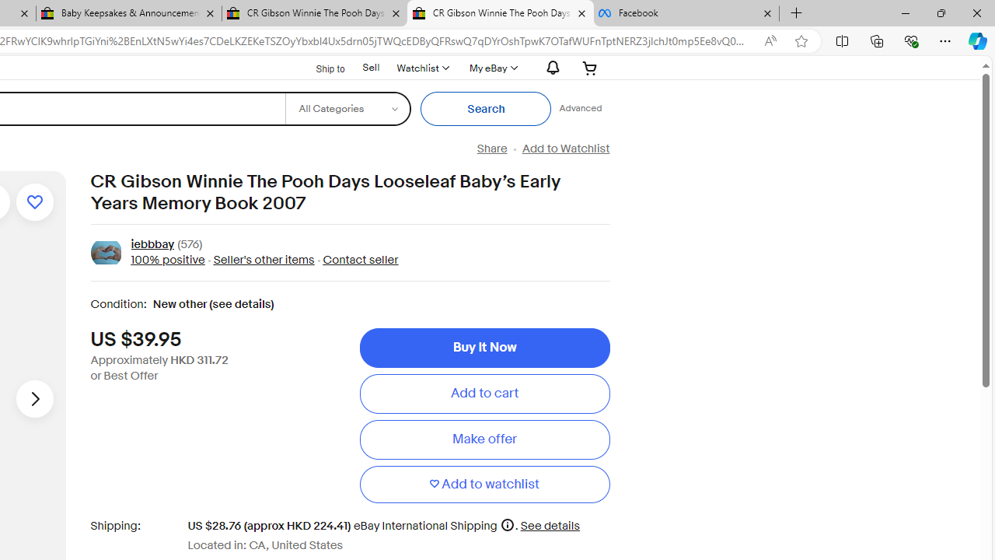 This screenshot has height=560, width=995. Describe the element at coordinates (589, 67) in the screenshot. I see `'Your shopping cart'` at that location.